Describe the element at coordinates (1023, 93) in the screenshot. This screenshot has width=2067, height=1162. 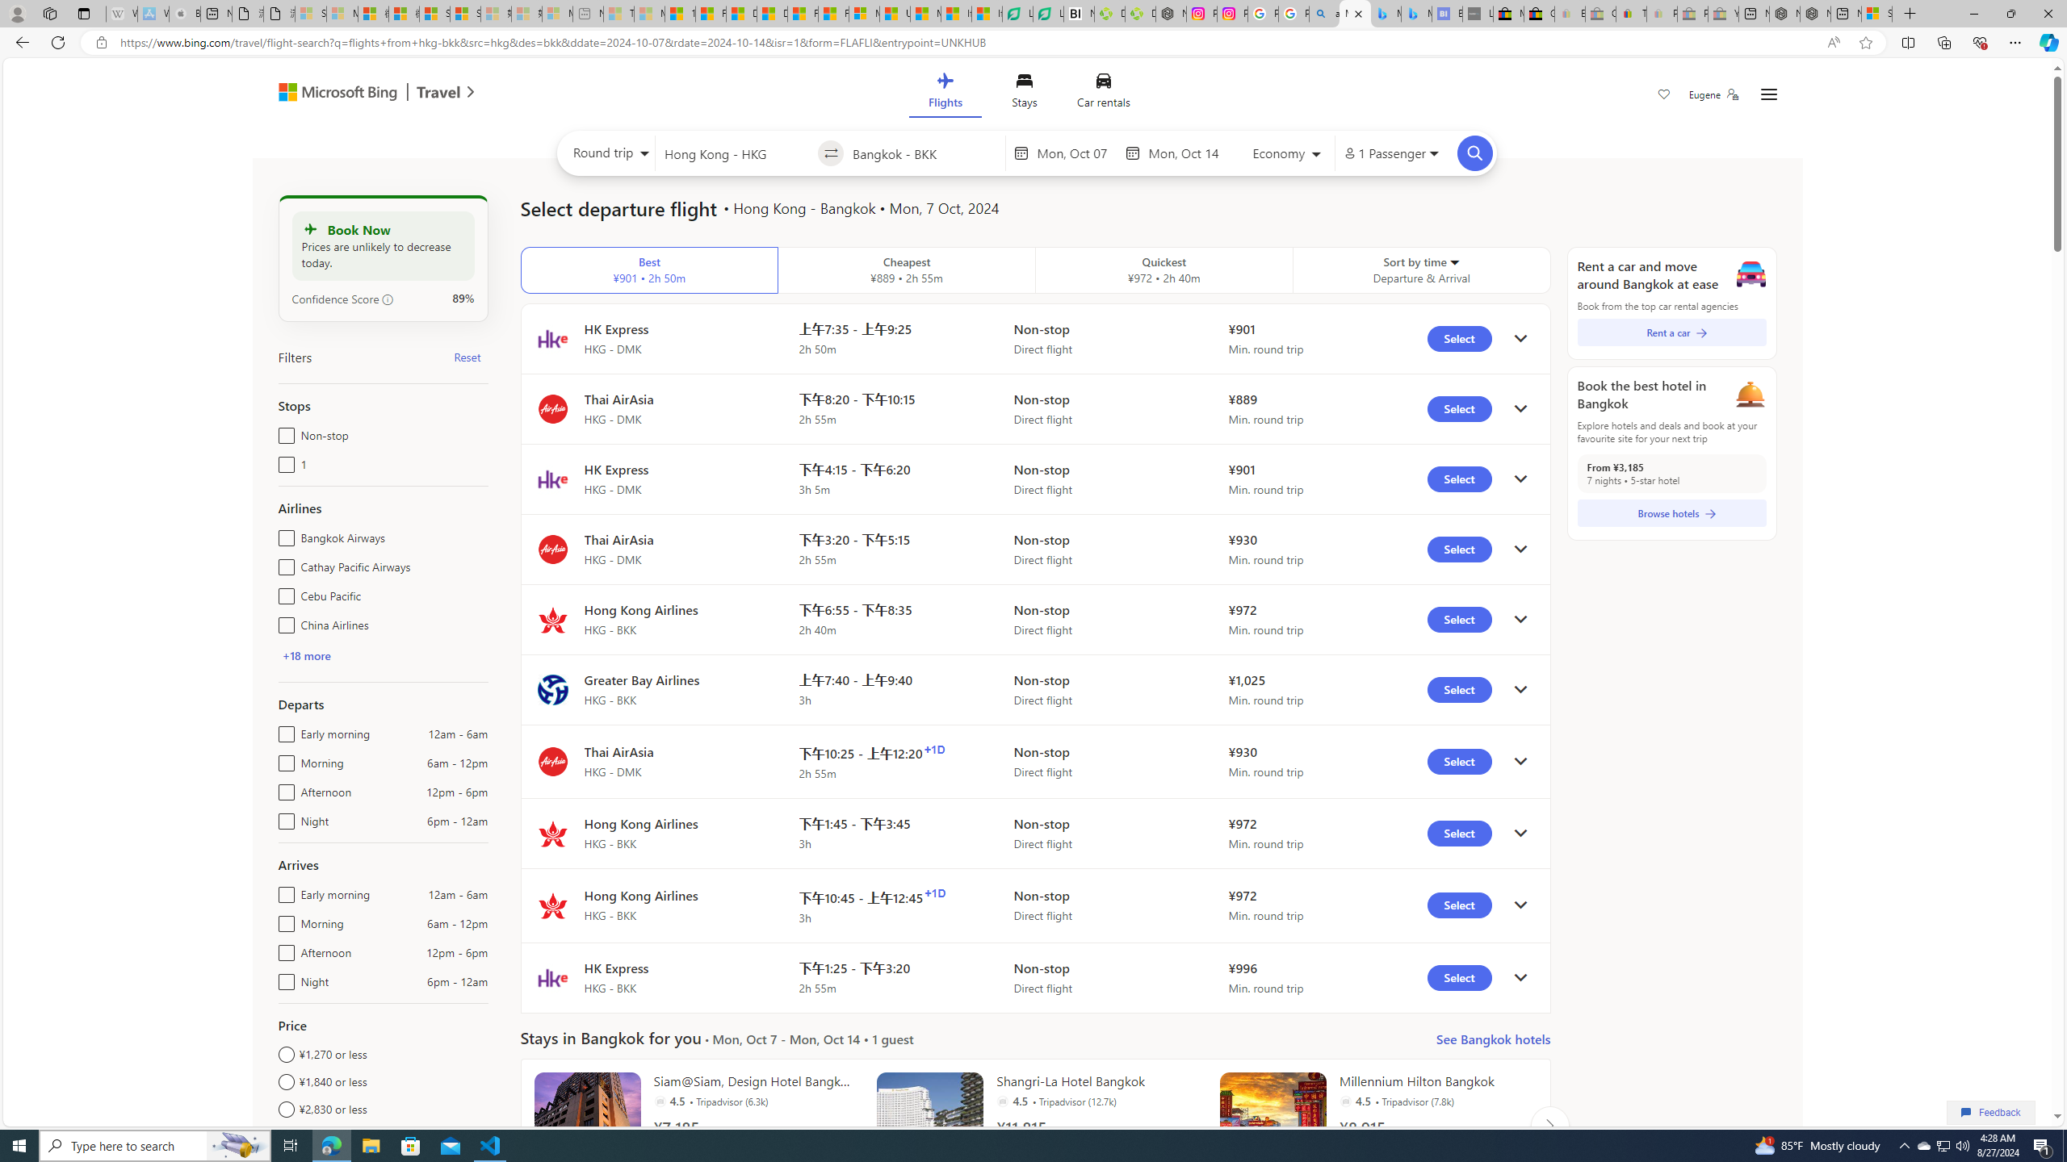
I see `'Stays'` at that location.